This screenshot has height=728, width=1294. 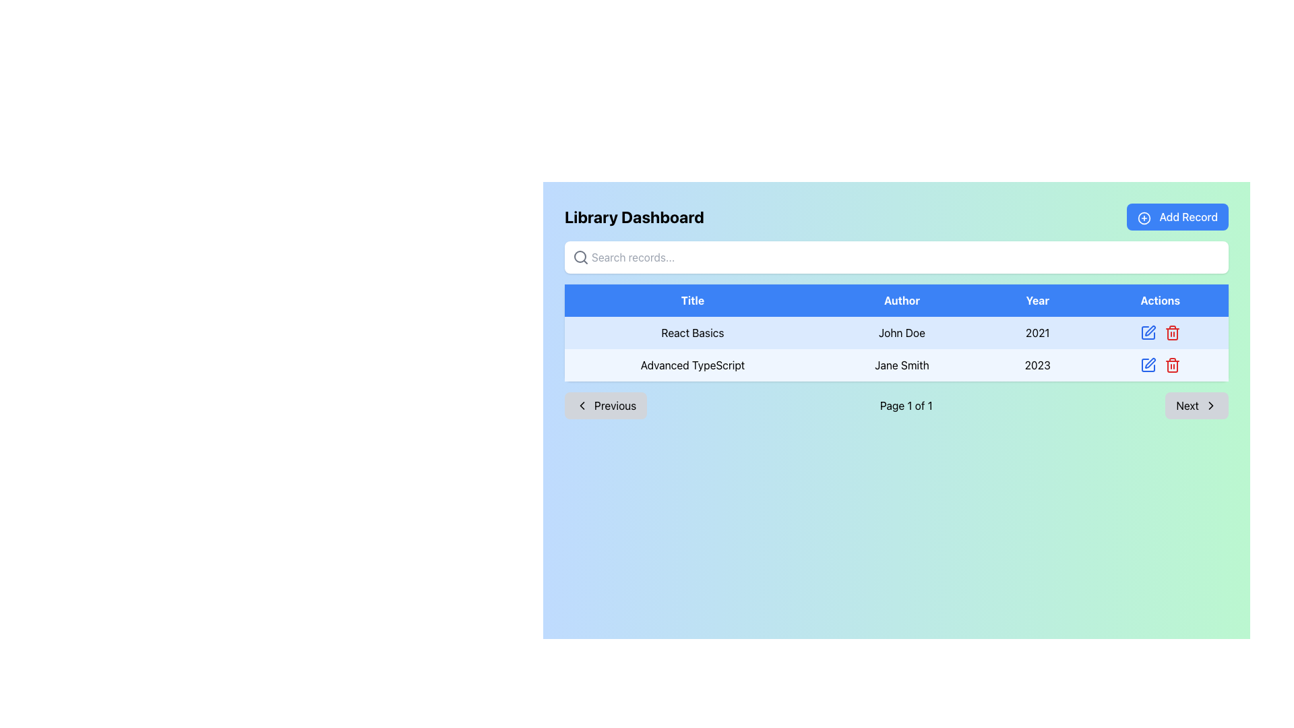 I want to click on the 'Edit' button located in the 'Actions' column of the last row of the table, so click(x=1147, y=332).